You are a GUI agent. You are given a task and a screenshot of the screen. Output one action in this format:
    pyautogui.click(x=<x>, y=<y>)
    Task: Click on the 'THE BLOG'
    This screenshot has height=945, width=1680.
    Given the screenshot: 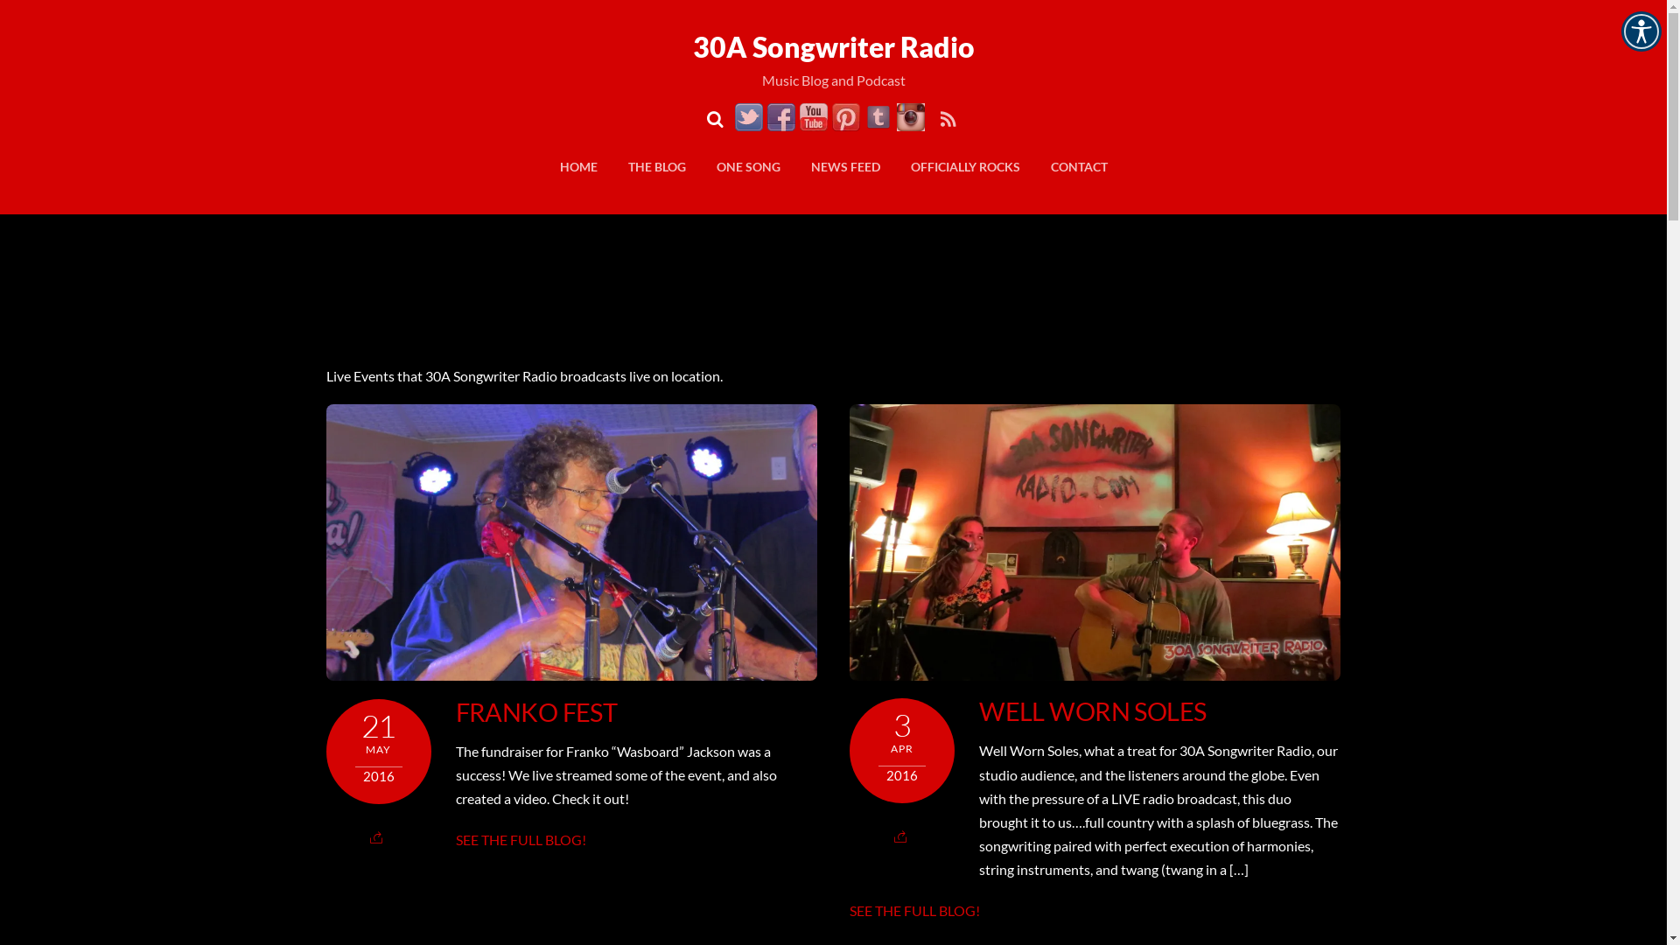 What is the action you would take?
    pyautogui.click(x=655, y=166)
    